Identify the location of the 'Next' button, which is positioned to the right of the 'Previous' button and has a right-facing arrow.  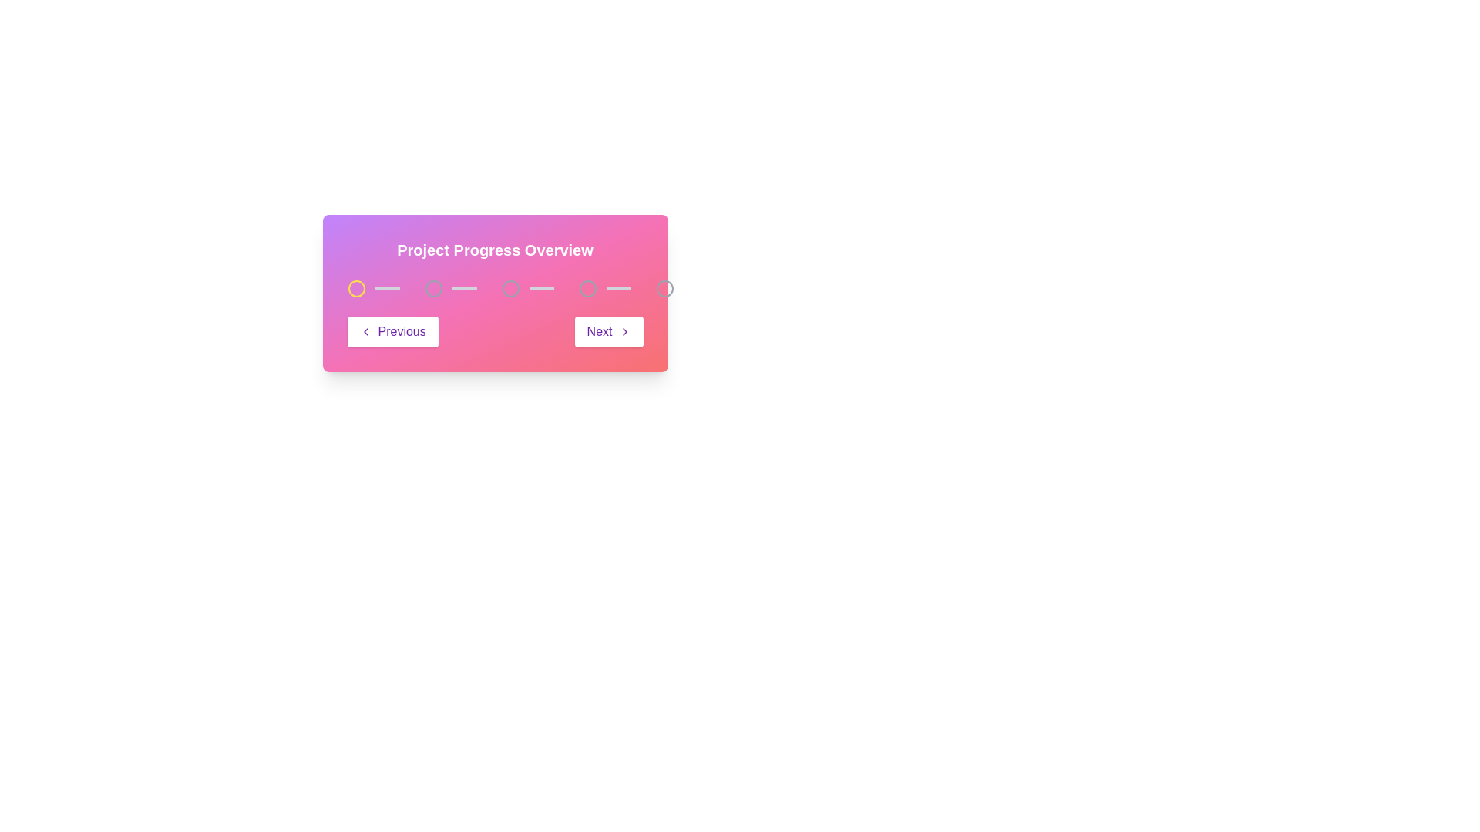
(608, 331).